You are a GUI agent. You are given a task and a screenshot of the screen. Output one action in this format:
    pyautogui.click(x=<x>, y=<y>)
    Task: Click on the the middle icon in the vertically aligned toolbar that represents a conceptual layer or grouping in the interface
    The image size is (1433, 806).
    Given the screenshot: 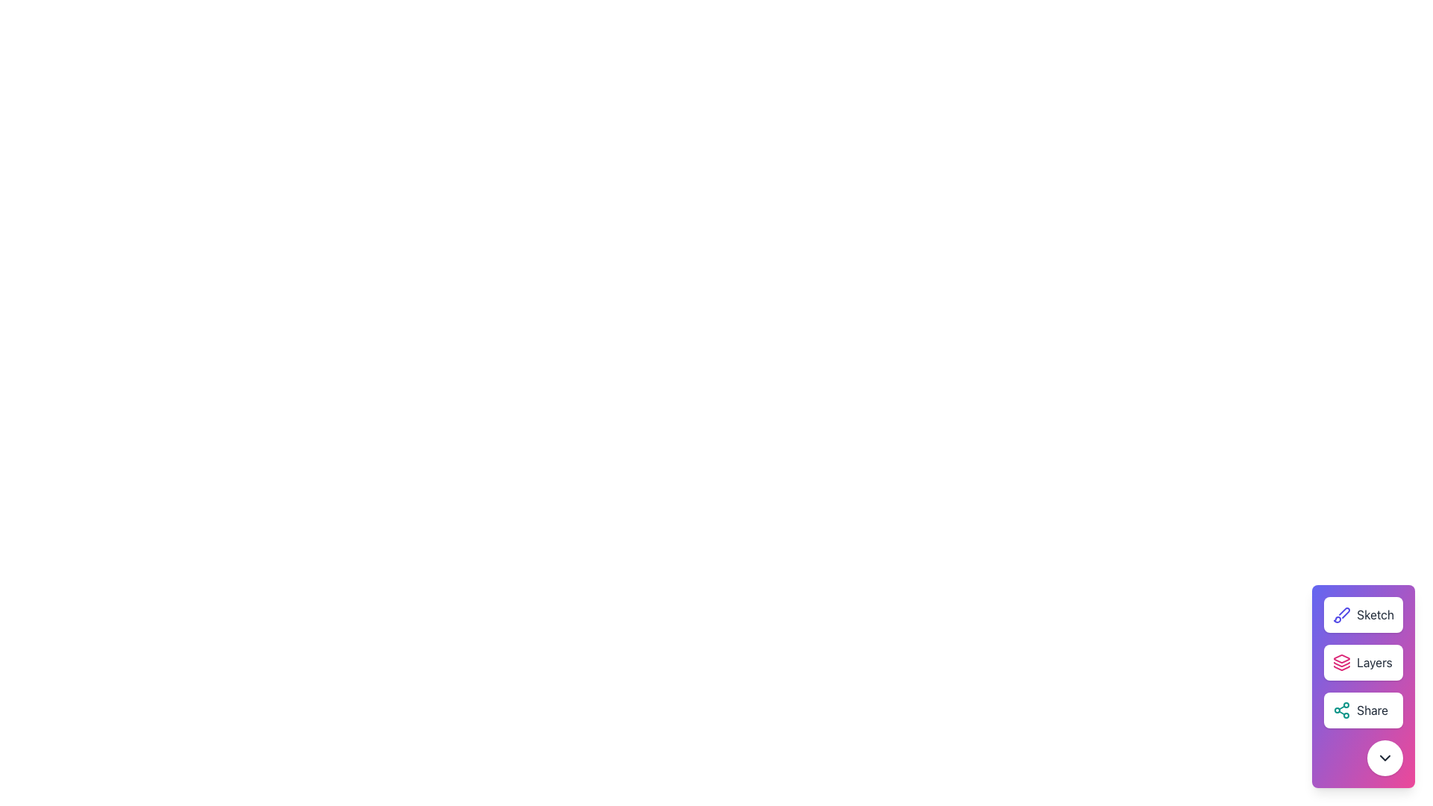 What is the action you would take?
    pyautogui.click(x=1342, y=663)
    